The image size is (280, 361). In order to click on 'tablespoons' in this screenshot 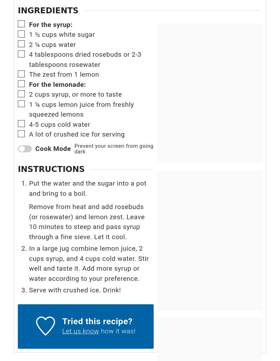, I will do `click(54, 54)`.